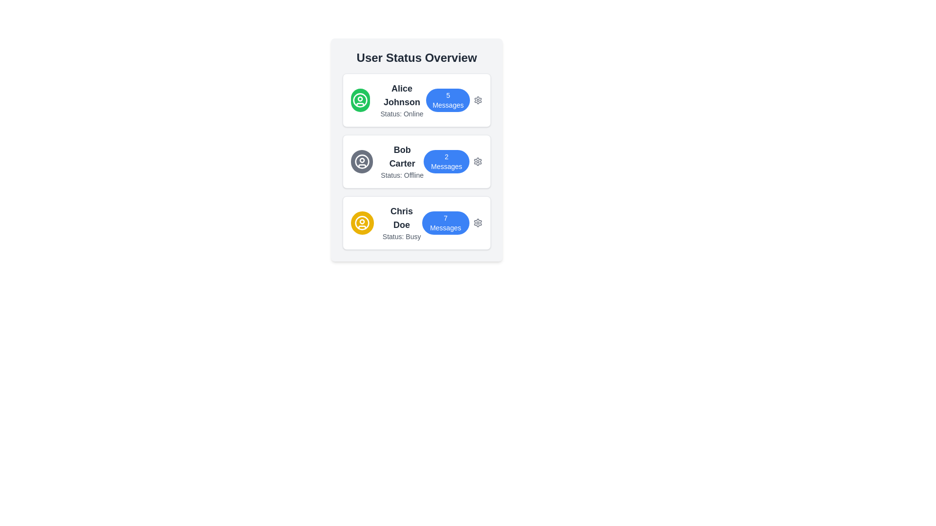  Describe the element at coordinates (360, 100) in the screenshot. I see `the decorative circular SVG graphical element with a green border and white-filled interior, located to the left of the 'Alice Johnson' label in the 'User Status Overview' panel` at that location.